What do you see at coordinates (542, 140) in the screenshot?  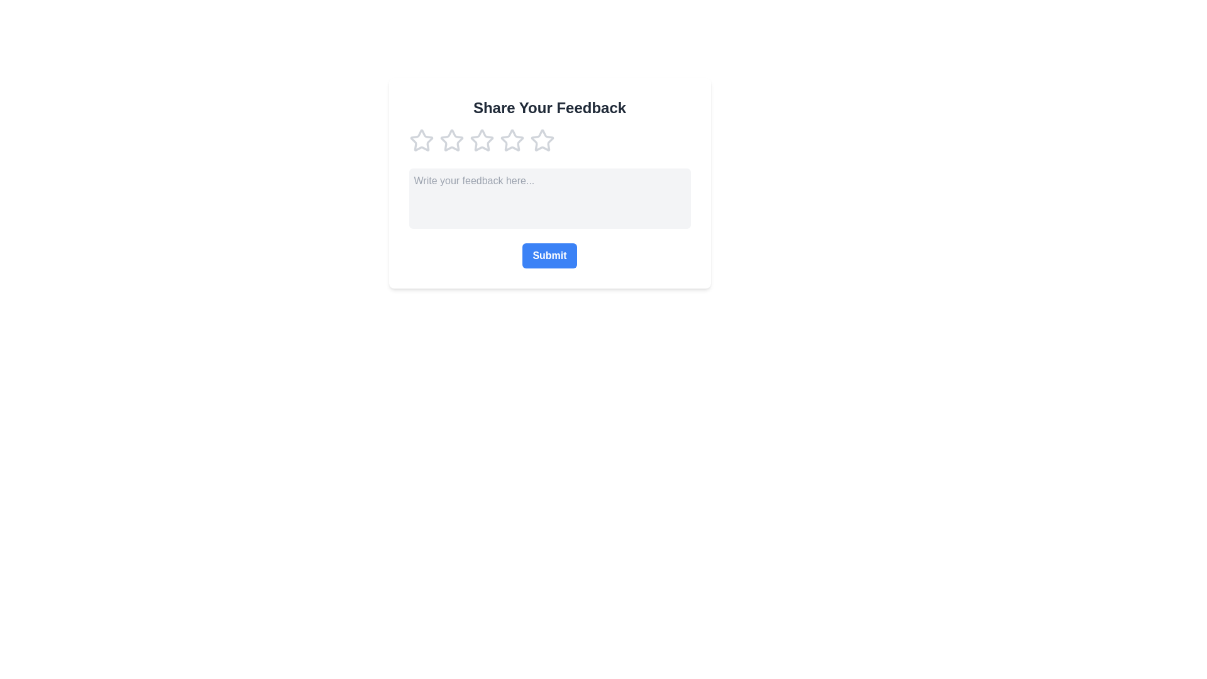 I see `the rating to 5 by clicking on the corresponding star` at bounding box center [542, 140].